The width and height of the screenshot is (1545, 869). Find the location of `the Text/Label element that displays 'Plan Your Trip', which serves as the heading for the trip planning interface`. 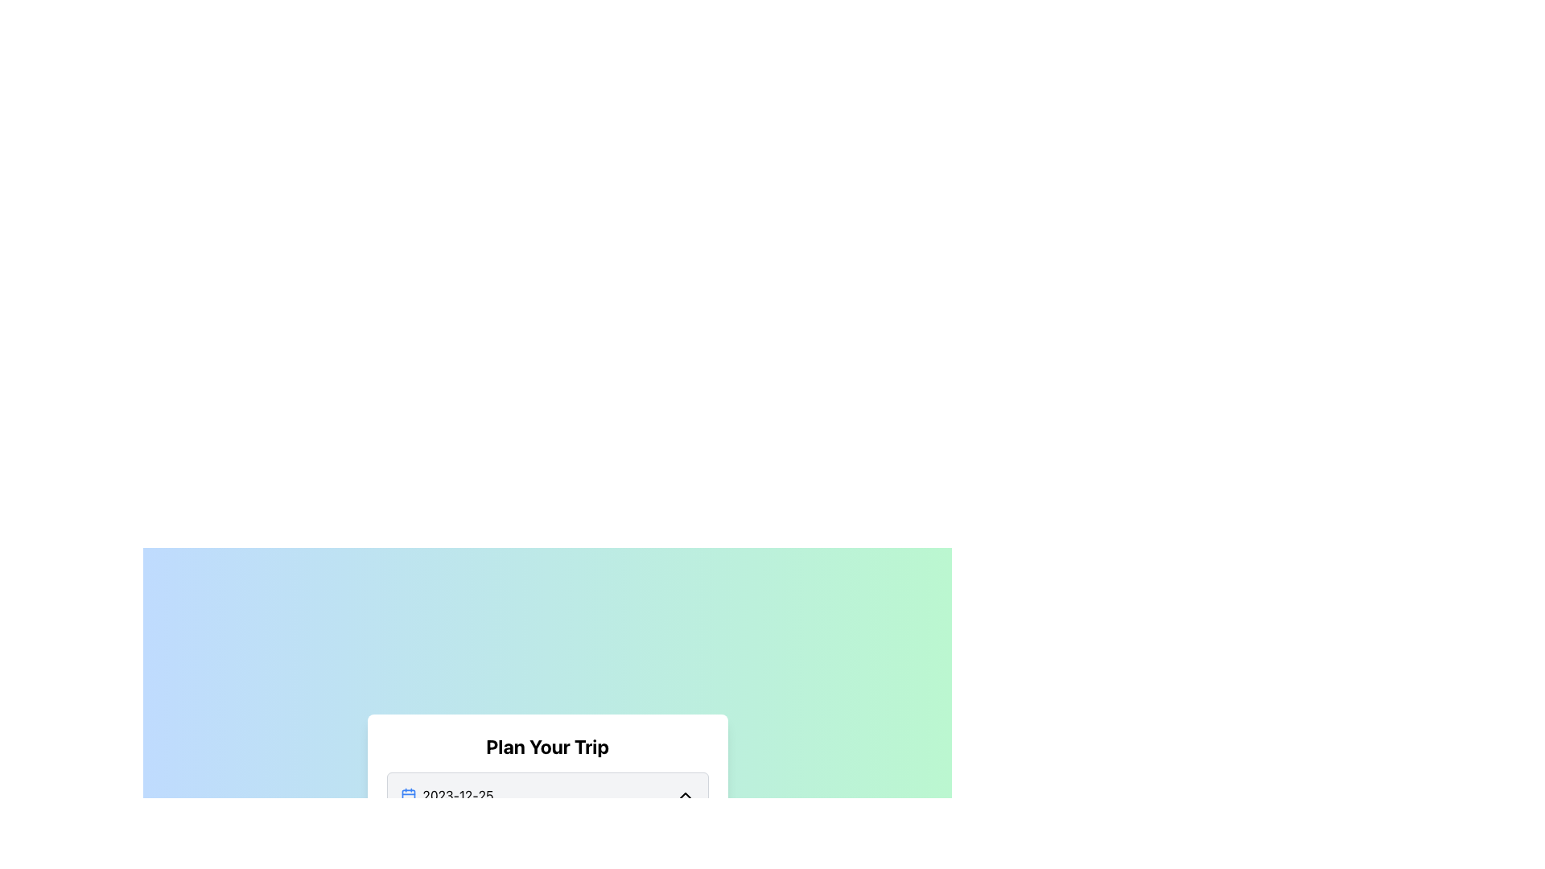

the Text/Label element that displays 'Plan Your Trip', which serves as the heading for the trip planning interface is located at coordinates (547, 747).